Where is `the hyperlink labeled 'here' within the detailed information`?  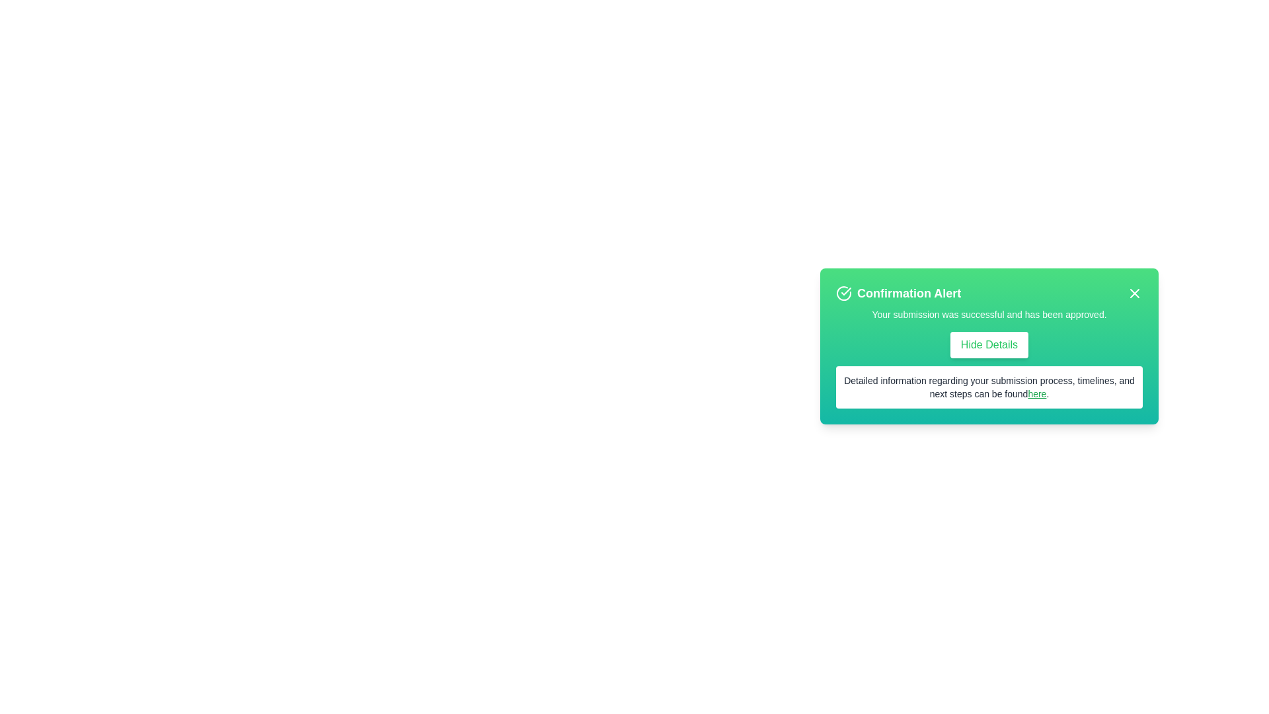
the hyperlink labeled 'here' within the detailed information is located at coordinates (1036, 393).